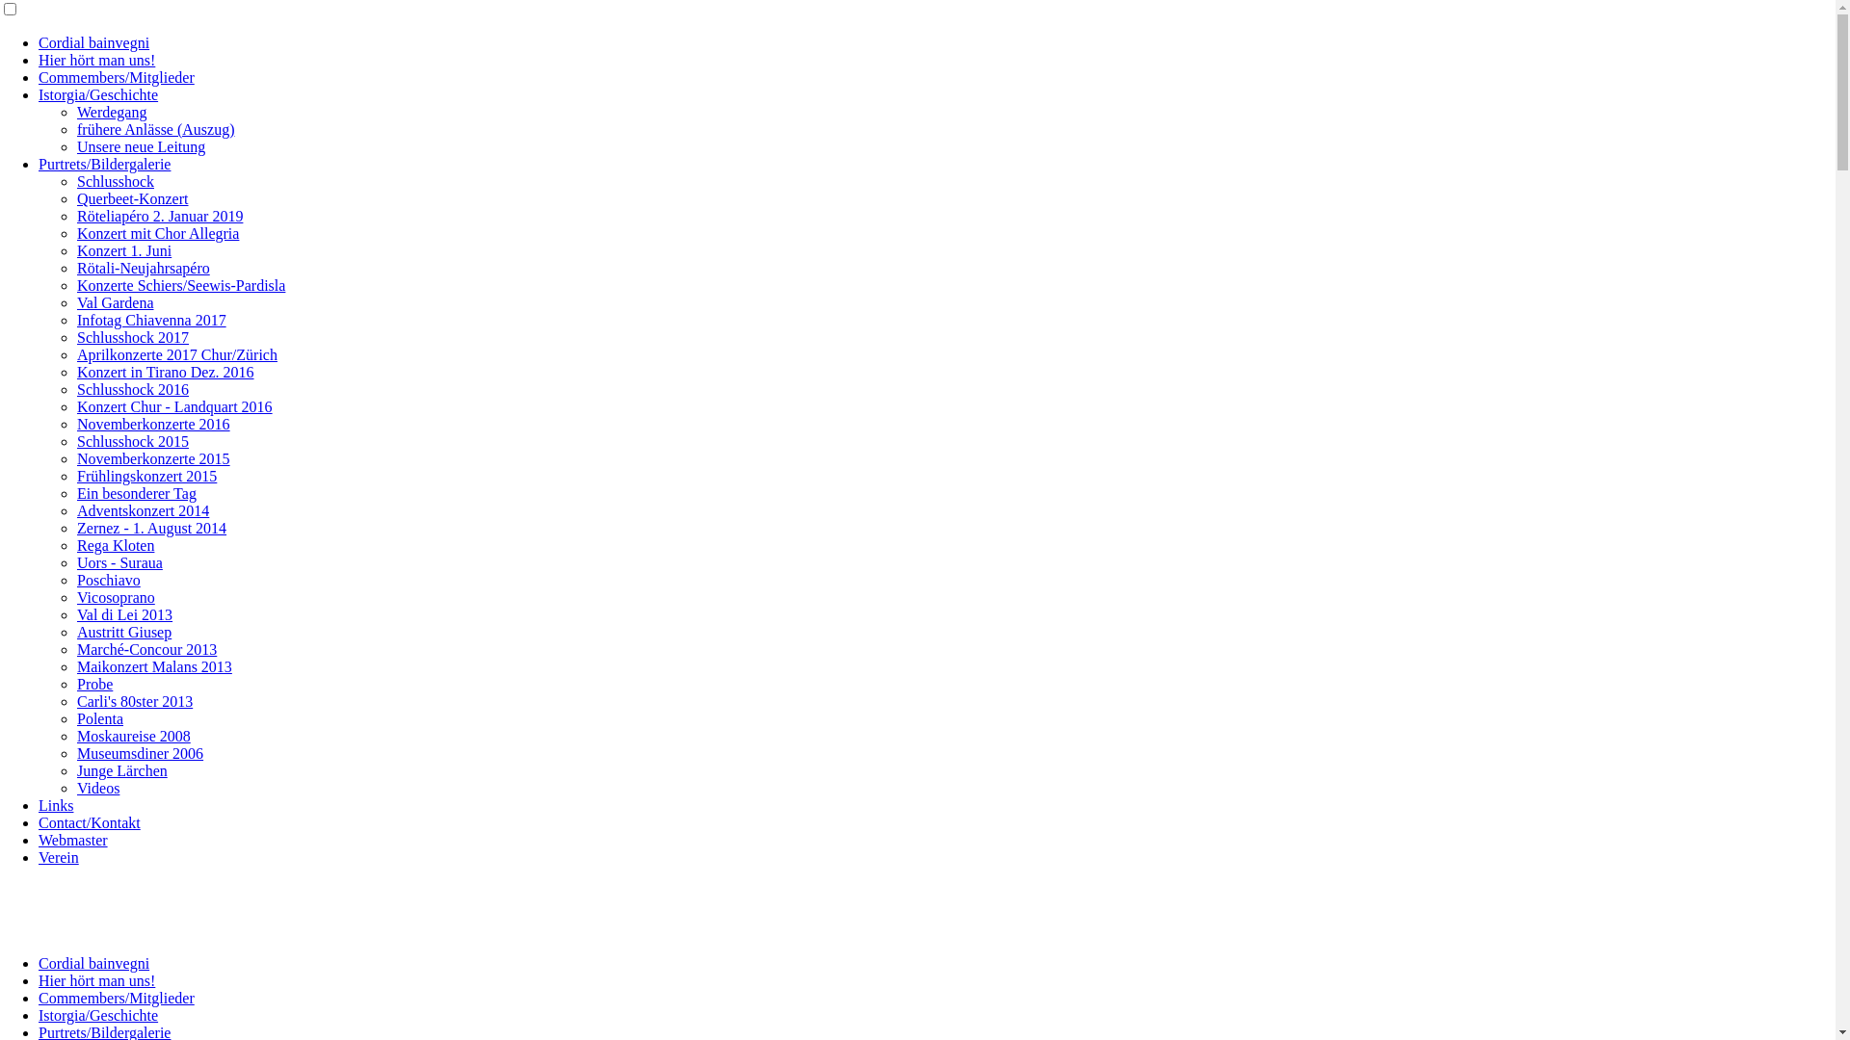  What do you see at coordinates (115, 76) in the screenshot?
I see `'Commembers/Mitglieder'` at bounding box center [115, 76].